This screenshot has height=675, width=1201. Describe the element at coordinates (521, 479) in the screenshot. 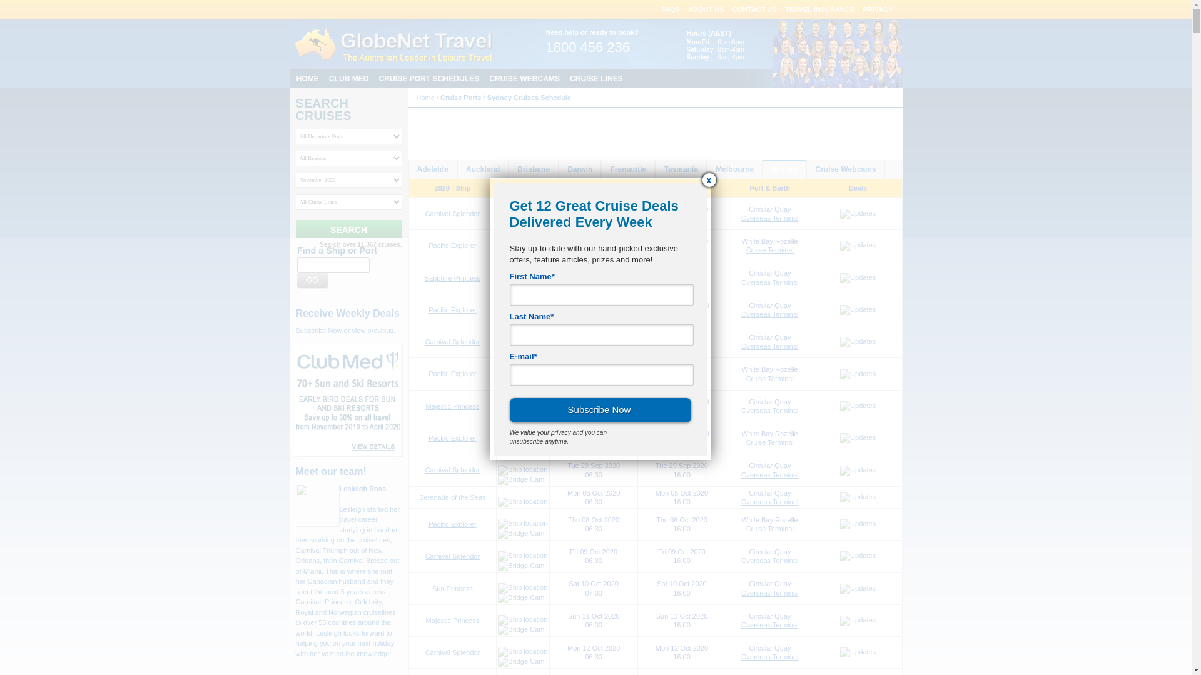

I see `'Bridge Cam'` at that location.